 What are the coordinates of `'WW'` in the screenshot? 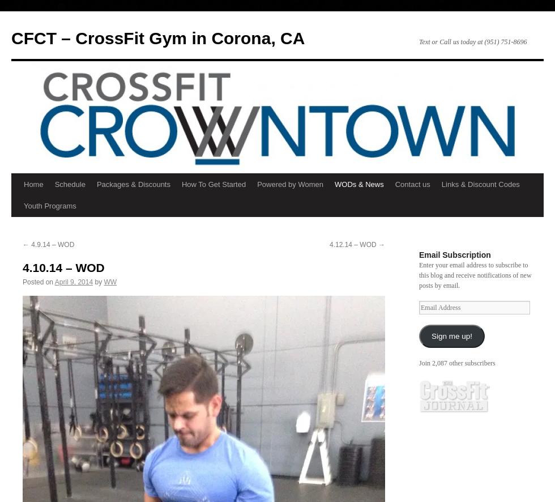 It's located at (110, 282).